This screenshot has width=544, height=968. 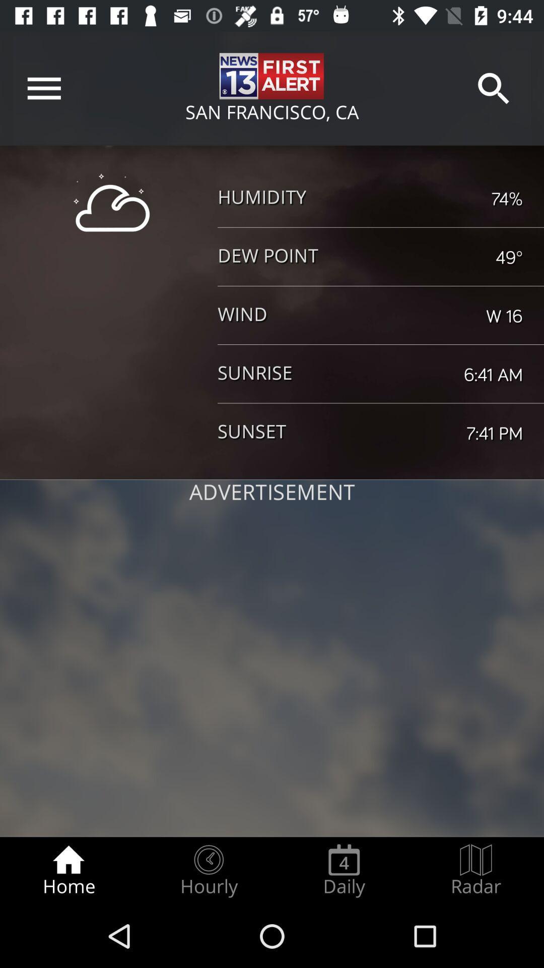 I want to click on item next to the daily icon, so click(x=208, y=870).